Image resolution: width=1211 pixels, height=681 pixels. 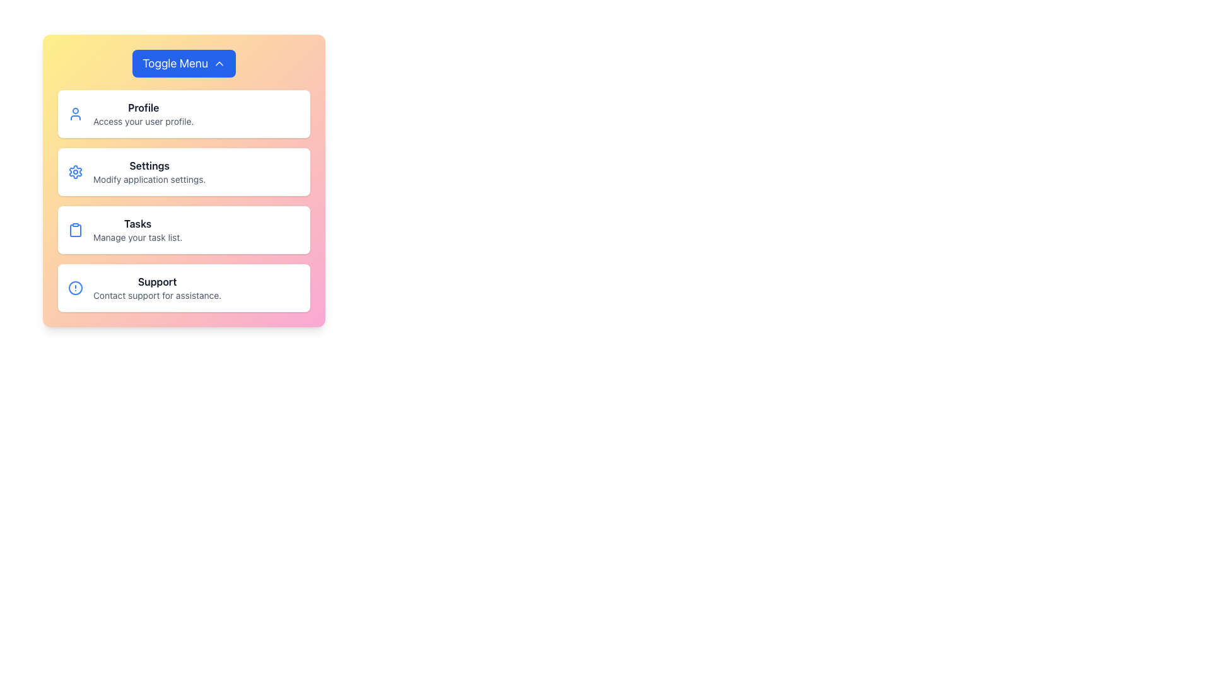 I want to click on the Text Label indicating the title of the menu option for accessing the user profile section, which is aligned above the descriptive text 'Access your user profile.' and to the right of a user icon, so click(x=143, y=107).